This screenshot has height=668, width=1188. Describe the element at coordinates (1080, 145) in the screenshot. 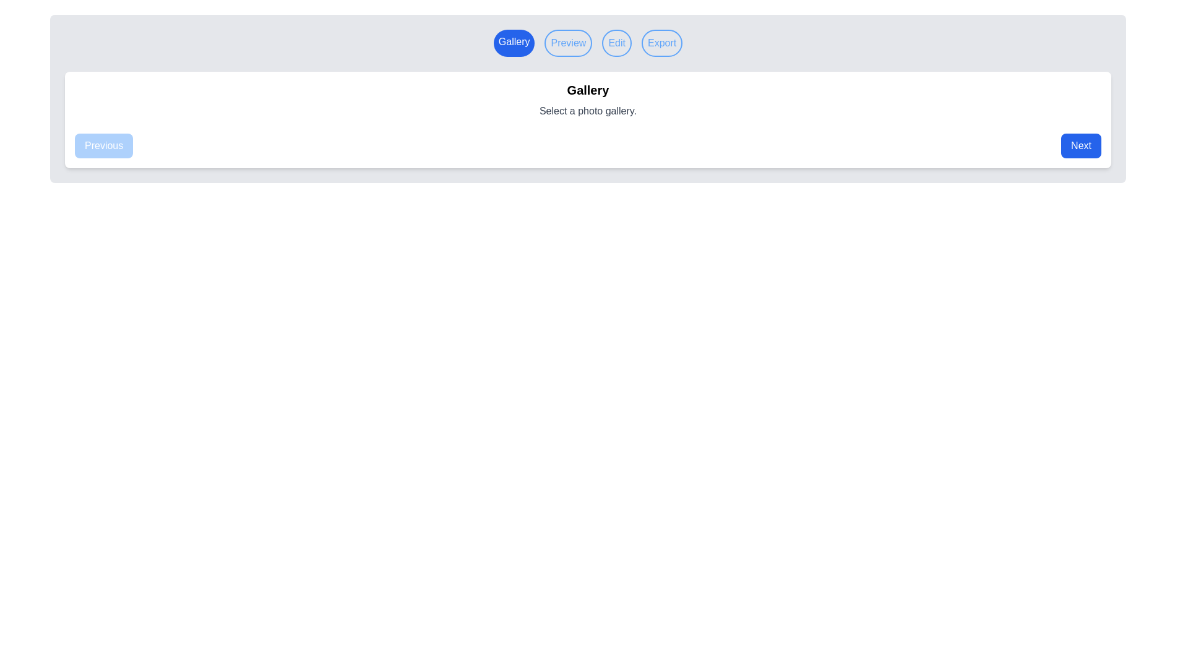

I see `the Next button to navigate to the Next step` at that location.